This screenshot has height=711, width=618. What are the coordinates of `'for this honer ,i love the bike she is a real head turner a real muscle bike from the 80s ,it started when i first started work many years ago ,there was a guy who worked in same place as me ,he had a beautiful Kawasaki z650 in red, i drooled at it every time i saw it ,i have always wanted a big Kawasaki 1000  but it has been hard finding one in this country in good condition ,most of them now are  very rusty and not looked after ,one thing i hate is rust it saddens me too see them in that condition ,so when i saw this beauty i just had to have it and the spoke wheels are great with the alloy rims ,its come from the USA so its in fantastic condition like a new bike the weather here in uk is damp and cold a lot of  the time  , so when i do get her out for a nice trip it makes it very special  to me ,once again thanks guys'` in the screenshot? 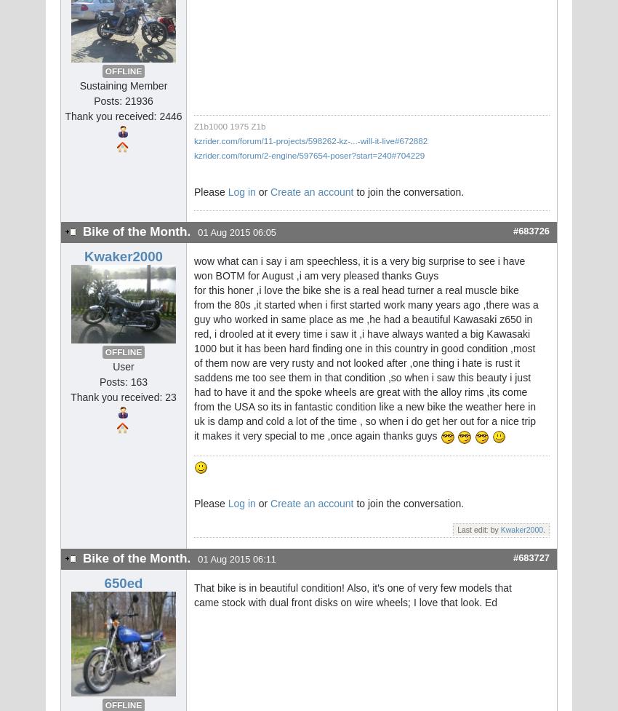 It's located at (366, 362).